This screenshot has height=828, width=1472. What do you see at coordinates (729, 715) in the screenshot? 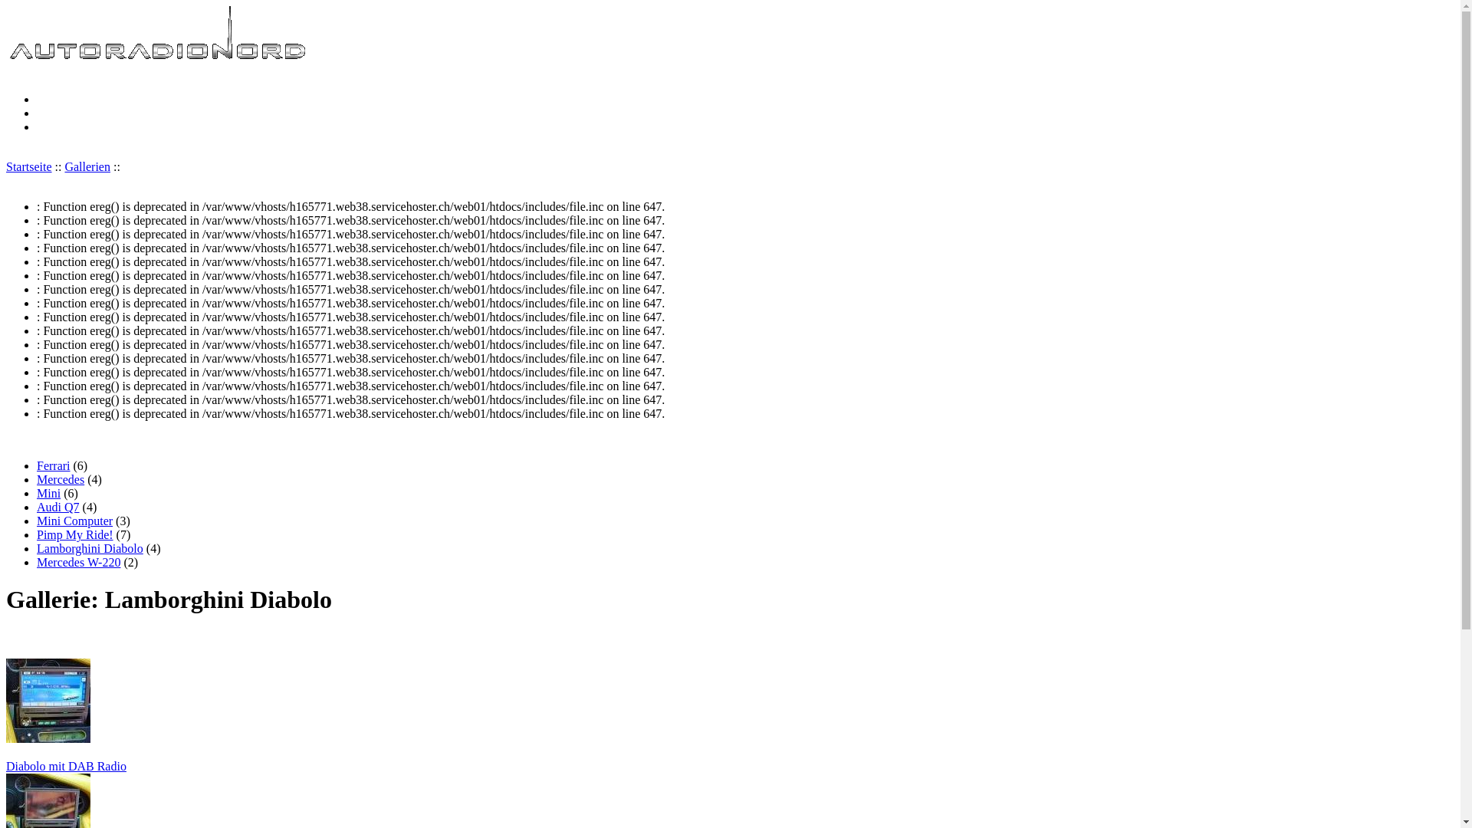
I see `'Diabolo mit DAB Radio'` at bounding box center [729, 715].